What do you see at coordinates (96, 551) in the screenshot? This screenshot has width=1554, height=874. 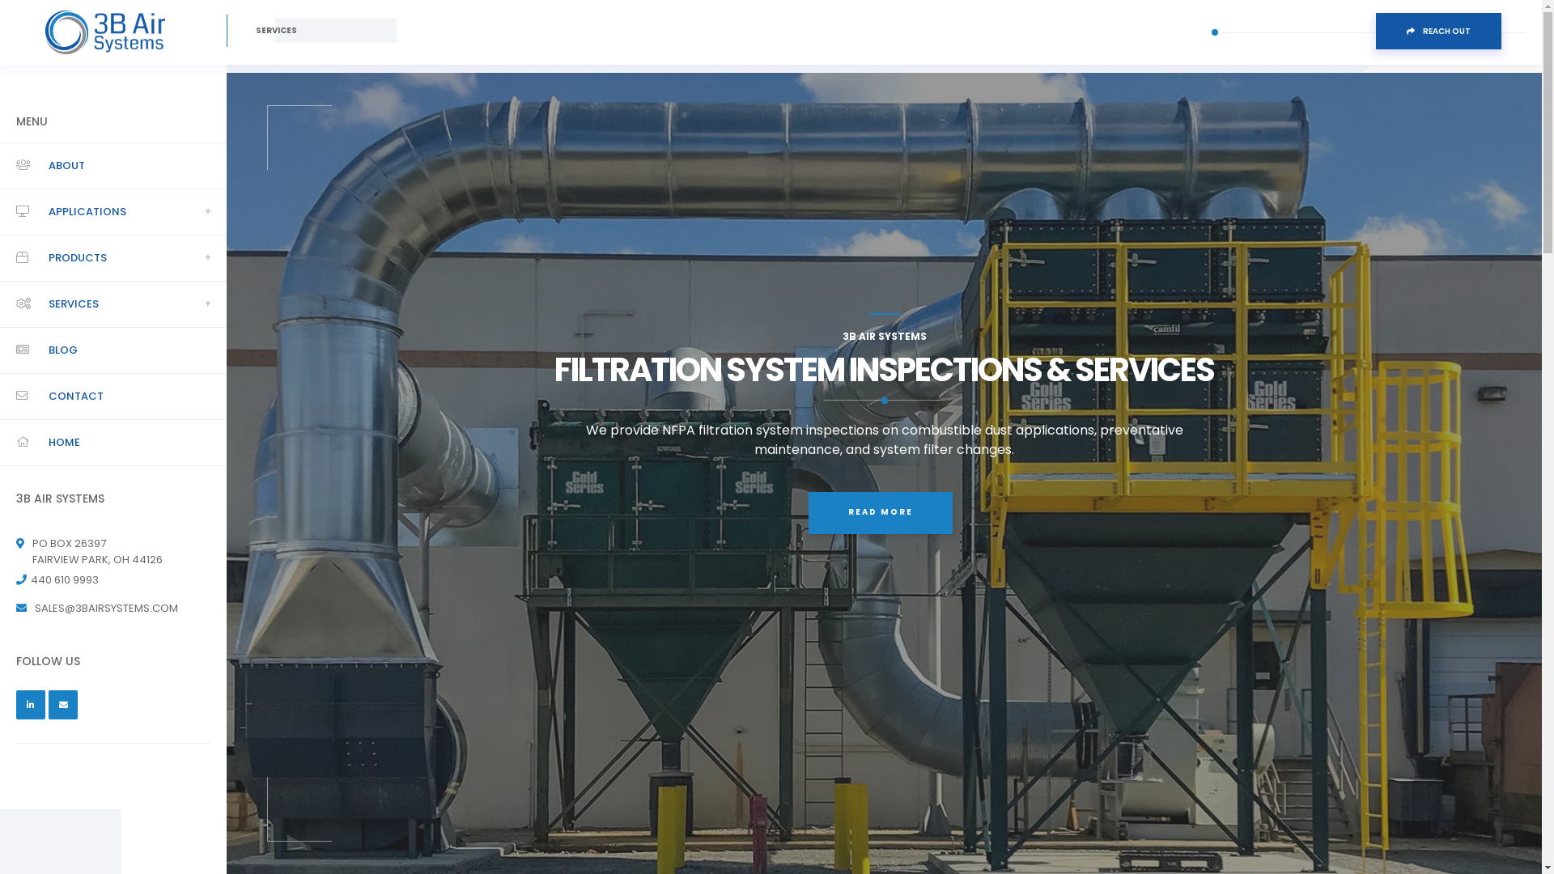 I see `'PO BOX 26397` at bounding box center [96, 551].